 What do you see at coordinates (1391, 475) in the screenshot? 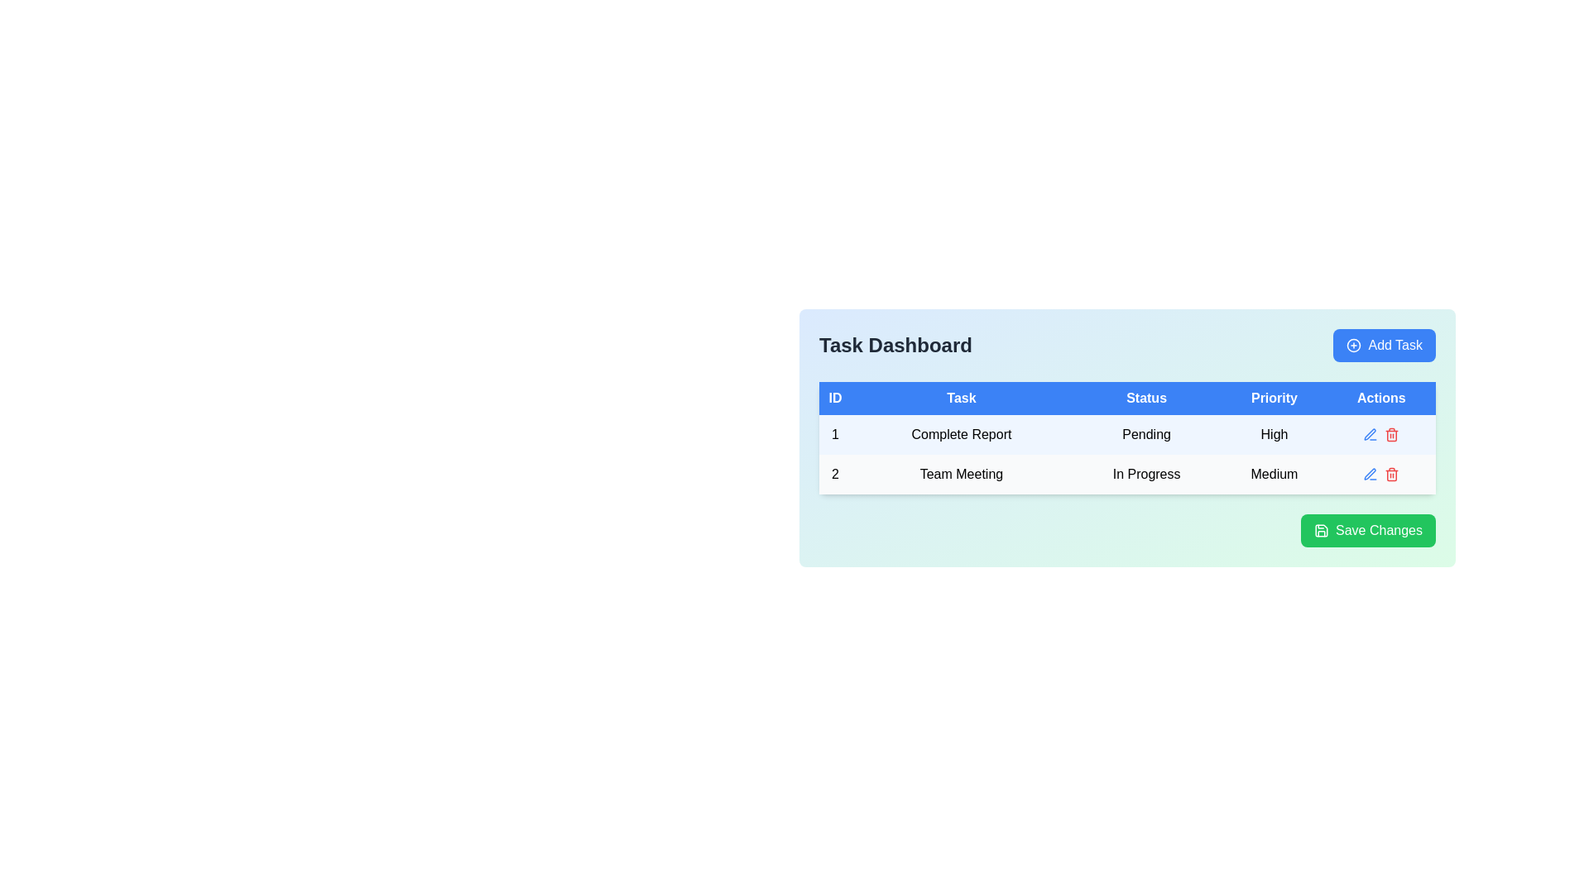
I see `the trash can icon in the 'Actions' column for the 'Team Meeting' task` at bounding box center [1391, 475].